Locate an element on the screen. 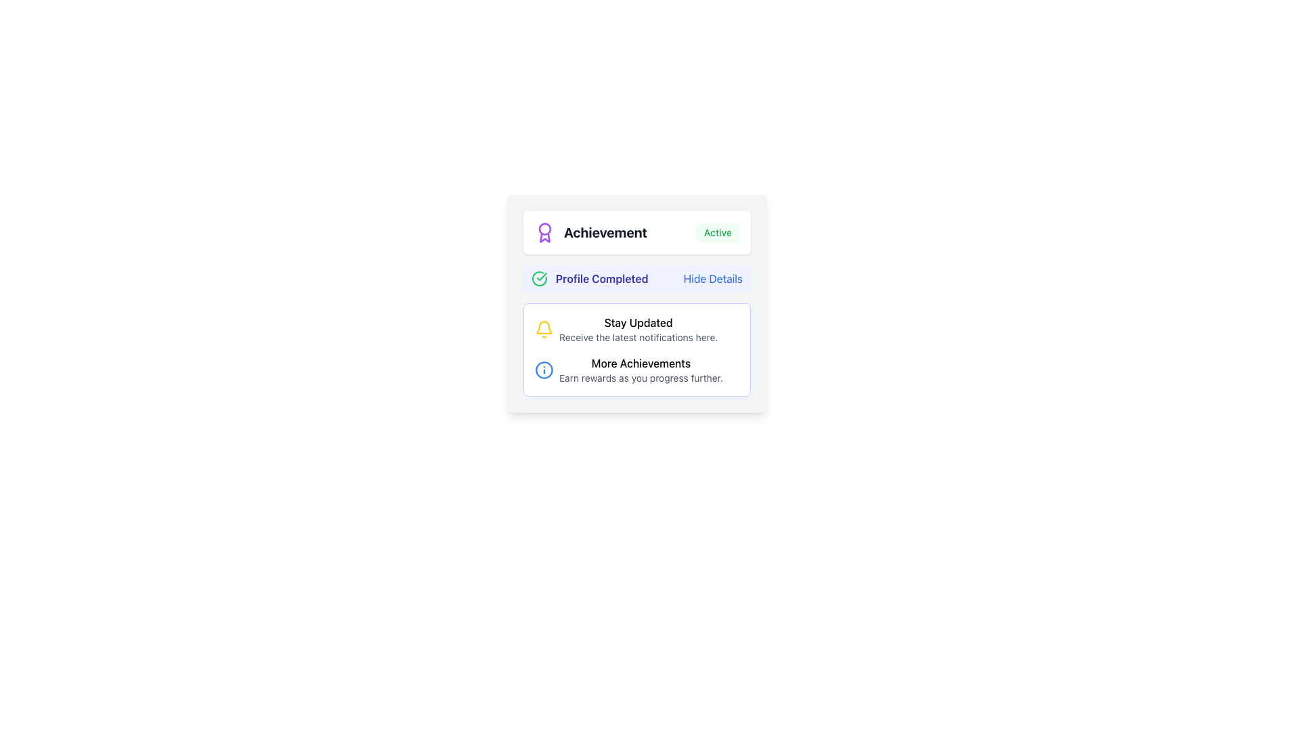  the static text displaying 'Receive the latest notifications here.' which is styled in gray and positioned below the 'Stay Updated' header is located at coordinates (638, 336).